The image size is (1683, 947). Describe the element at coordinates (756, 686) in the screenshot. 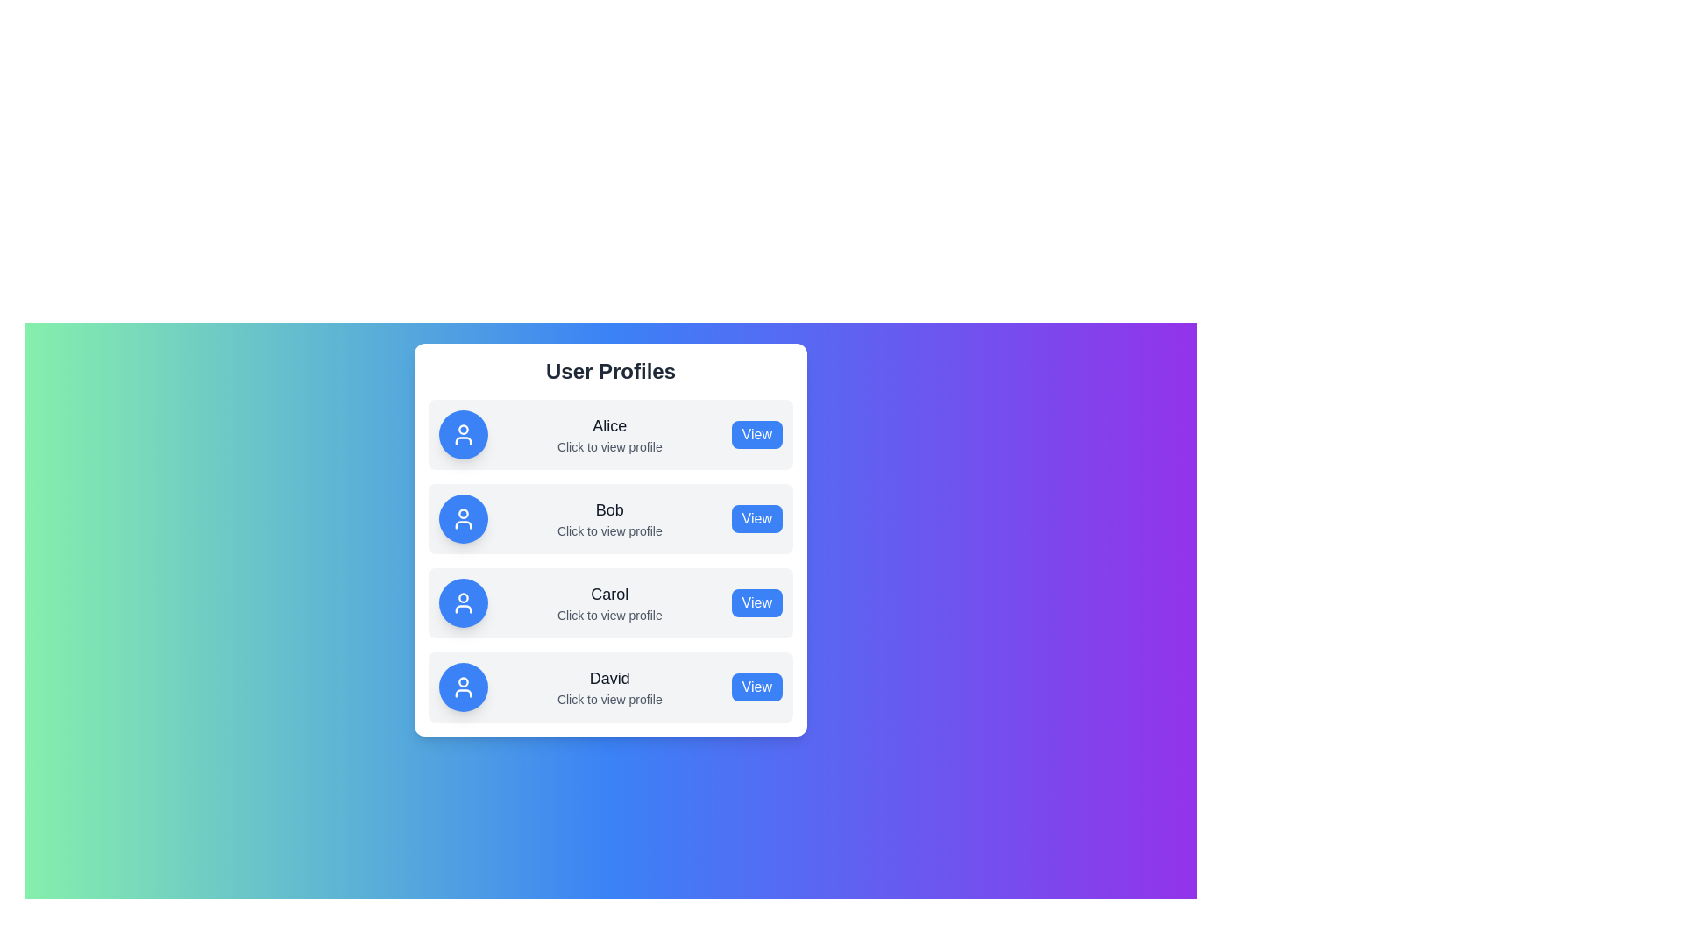

I see `the button on the far right of the row corresponding to 'David'` at that location.